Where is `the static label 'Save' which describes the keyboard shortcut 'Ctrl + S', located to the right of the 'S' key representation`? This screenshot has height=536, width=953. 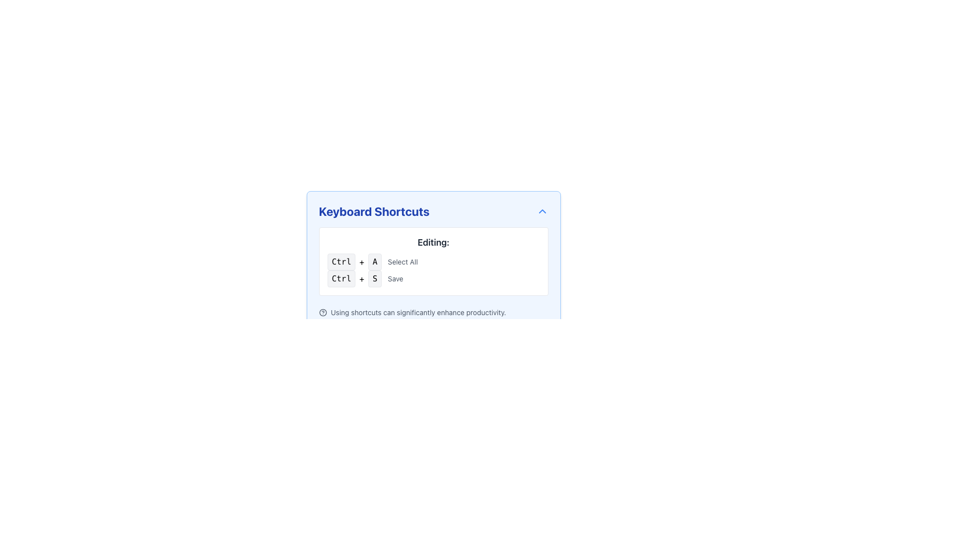
the static label 'Save' which describes the keyboard shortcut 'Ctrl + S', located to the right of the 'S' key representation is located at coordinates (395, 279).